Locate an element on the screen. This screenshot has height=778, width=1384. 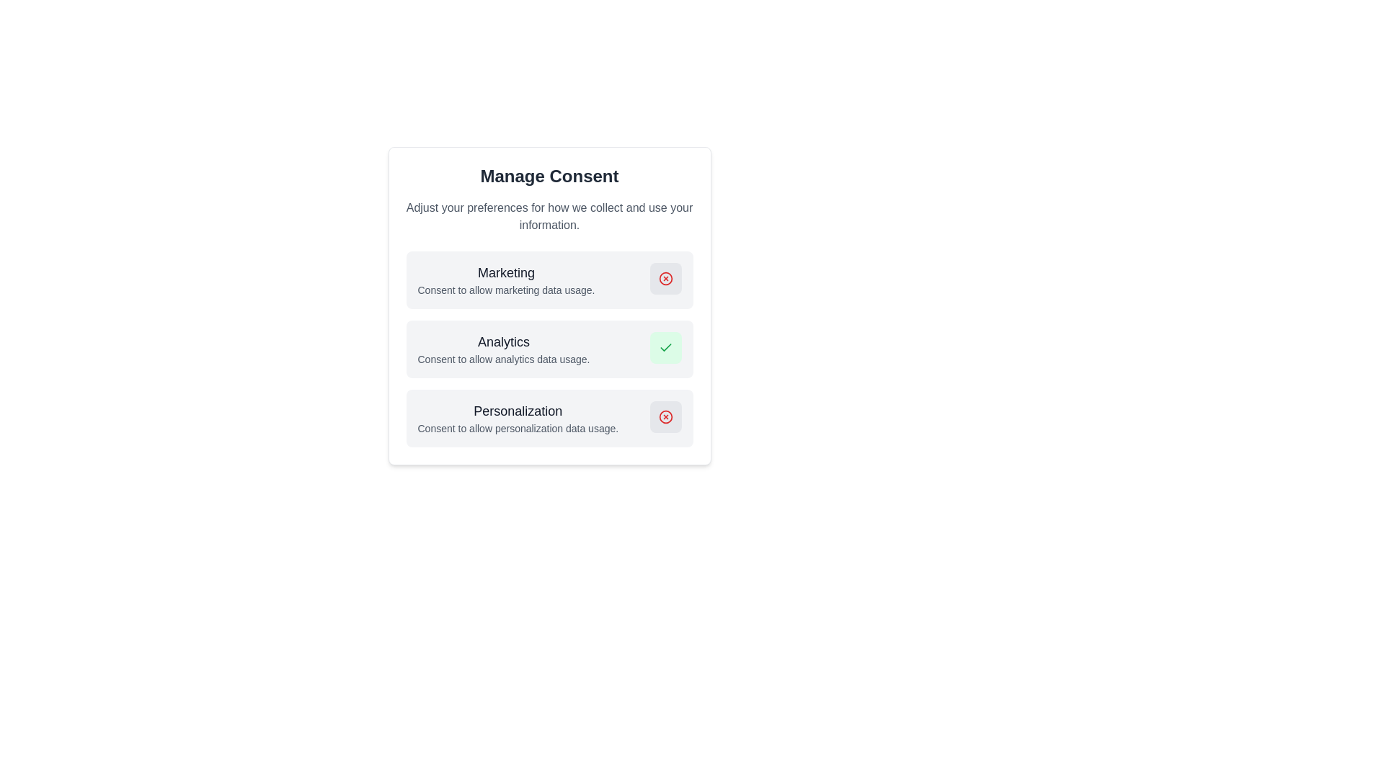
the circular red icon button with a cross inside, located in the Manage Consent settings menu next to the Marketing consent option is located at coordinates (665, 416).